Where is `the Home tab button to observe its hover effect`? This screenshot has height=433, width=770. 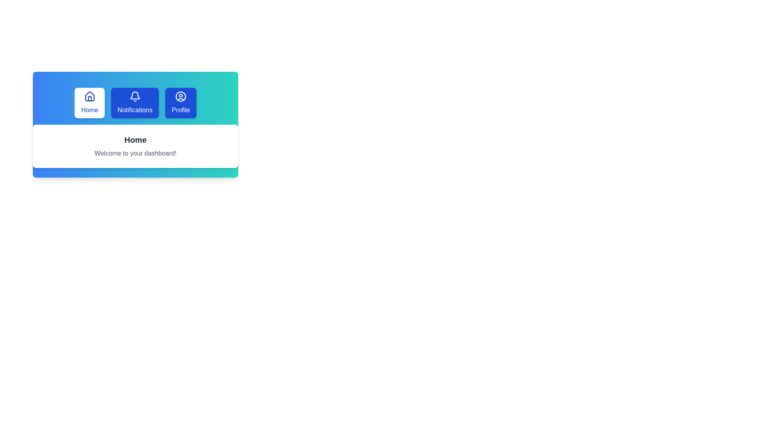
the Home tab button to observe its hover effect is located at coordinates (89, 103).